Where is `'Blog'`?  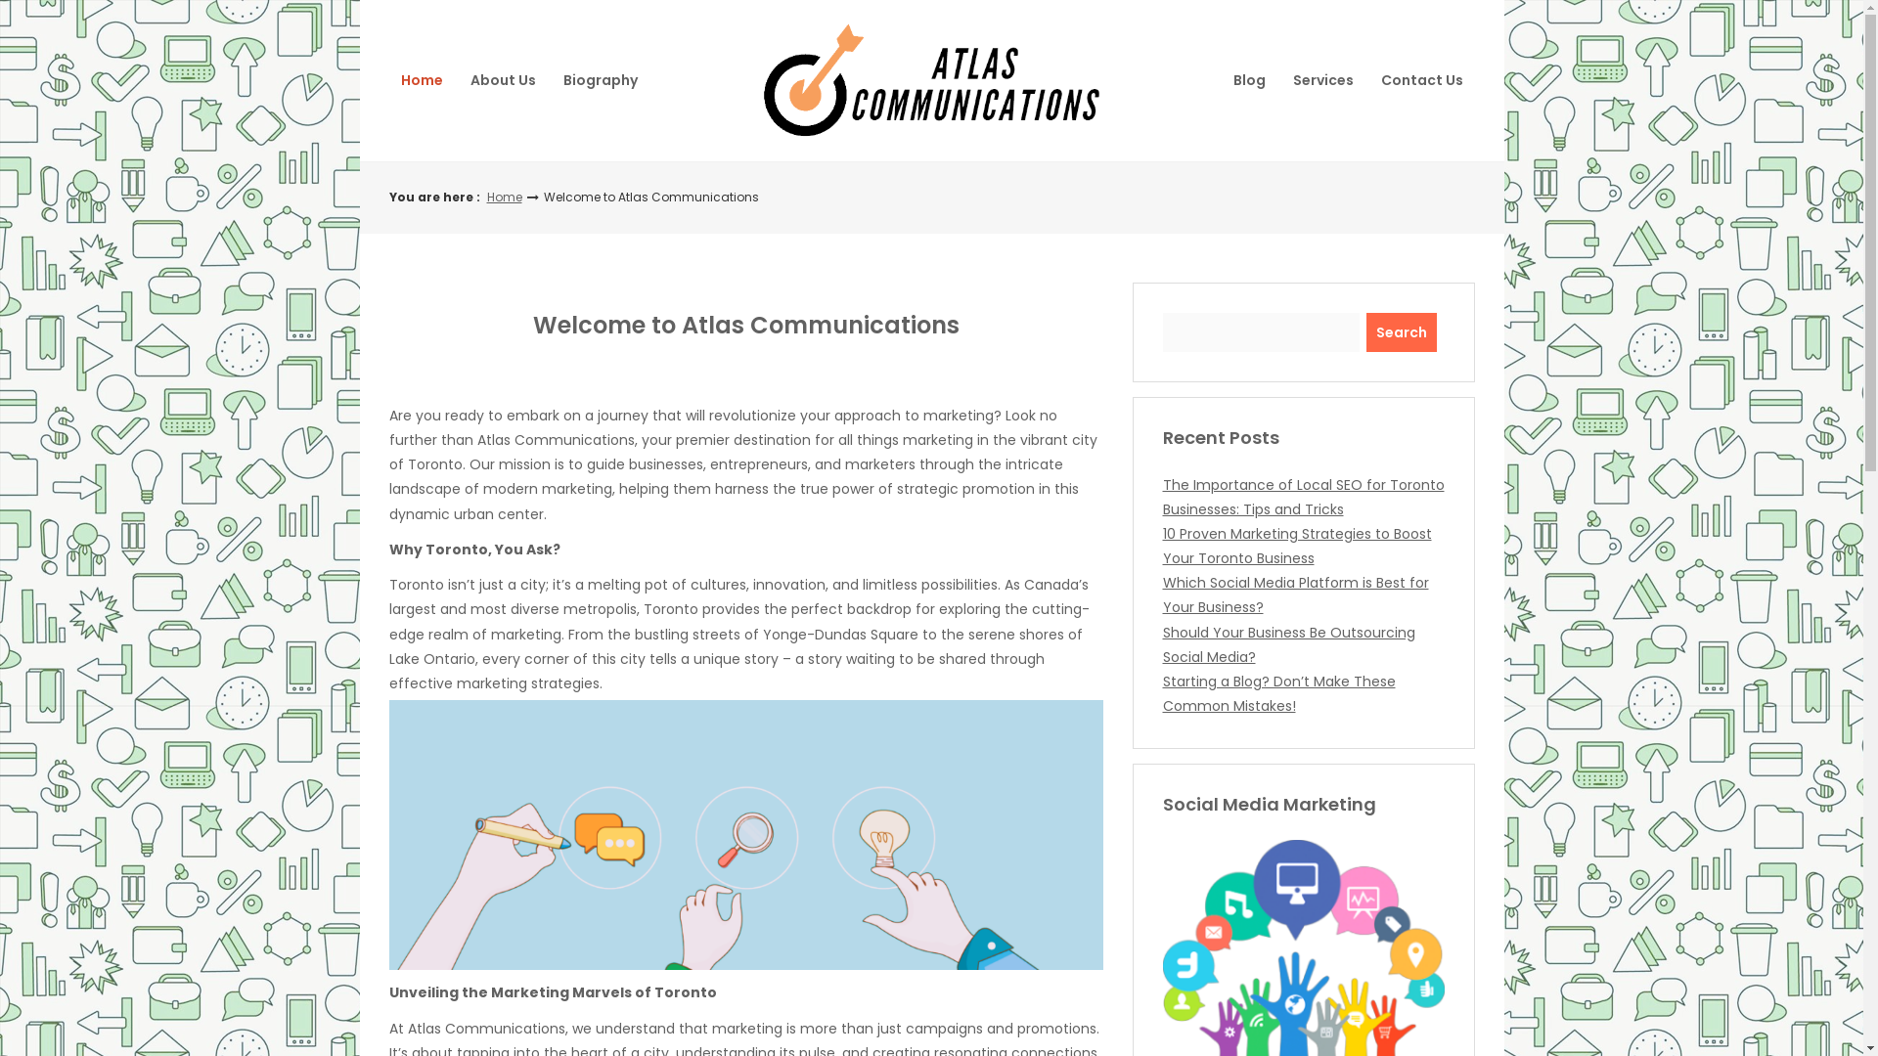
'Blog' is located at coordinates (1247, 79).